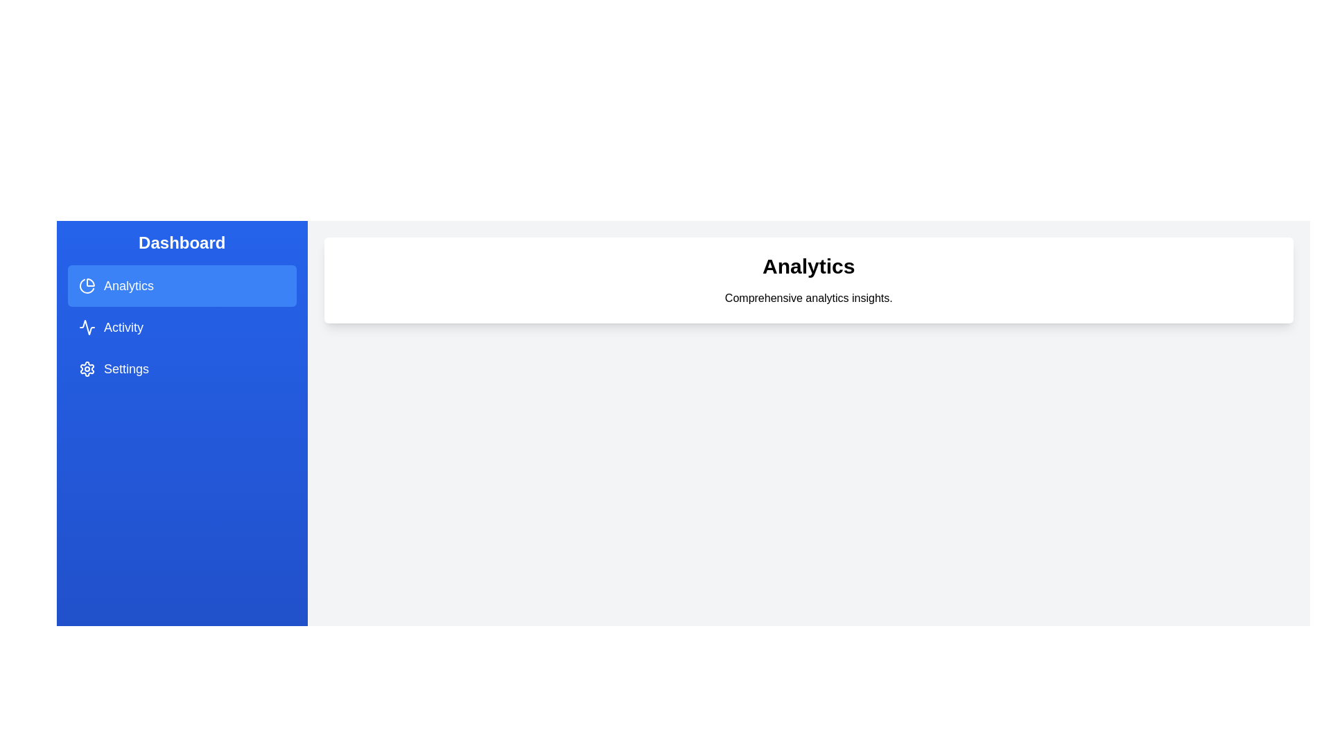  Describe the element at coordinates (86, 328) in the screenshot. I see `the waveform activity icon located in the sidebar under the 'Activity' menu option` at that location.